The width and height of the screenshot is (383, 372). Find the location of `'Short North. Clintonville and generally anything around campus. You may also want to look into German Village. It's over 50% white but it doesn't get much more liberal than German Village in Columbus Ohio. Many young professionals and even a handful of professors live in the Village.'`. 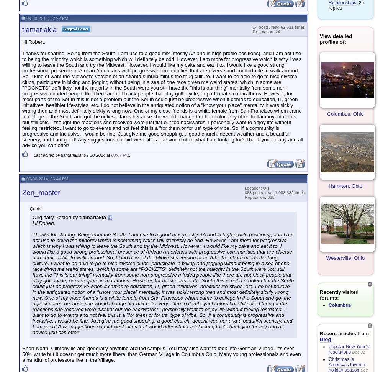

'Short North. Clintonville and generally anything around campus. You may also want to look into German Village. It's over 50% white but it doesn't get much more liberal than German Village in Columbus Ohio. Many young professionals and even a handful of professors live in the Village.' is located at coordinates (161, 353).